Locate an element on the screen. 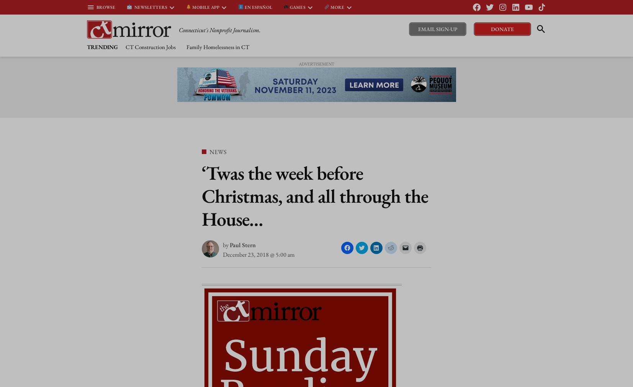 The width and height of the screenshot is (633, 387). '‘Twas the week before Christmas, and all through the House…' is located at coordinates (314, 195).